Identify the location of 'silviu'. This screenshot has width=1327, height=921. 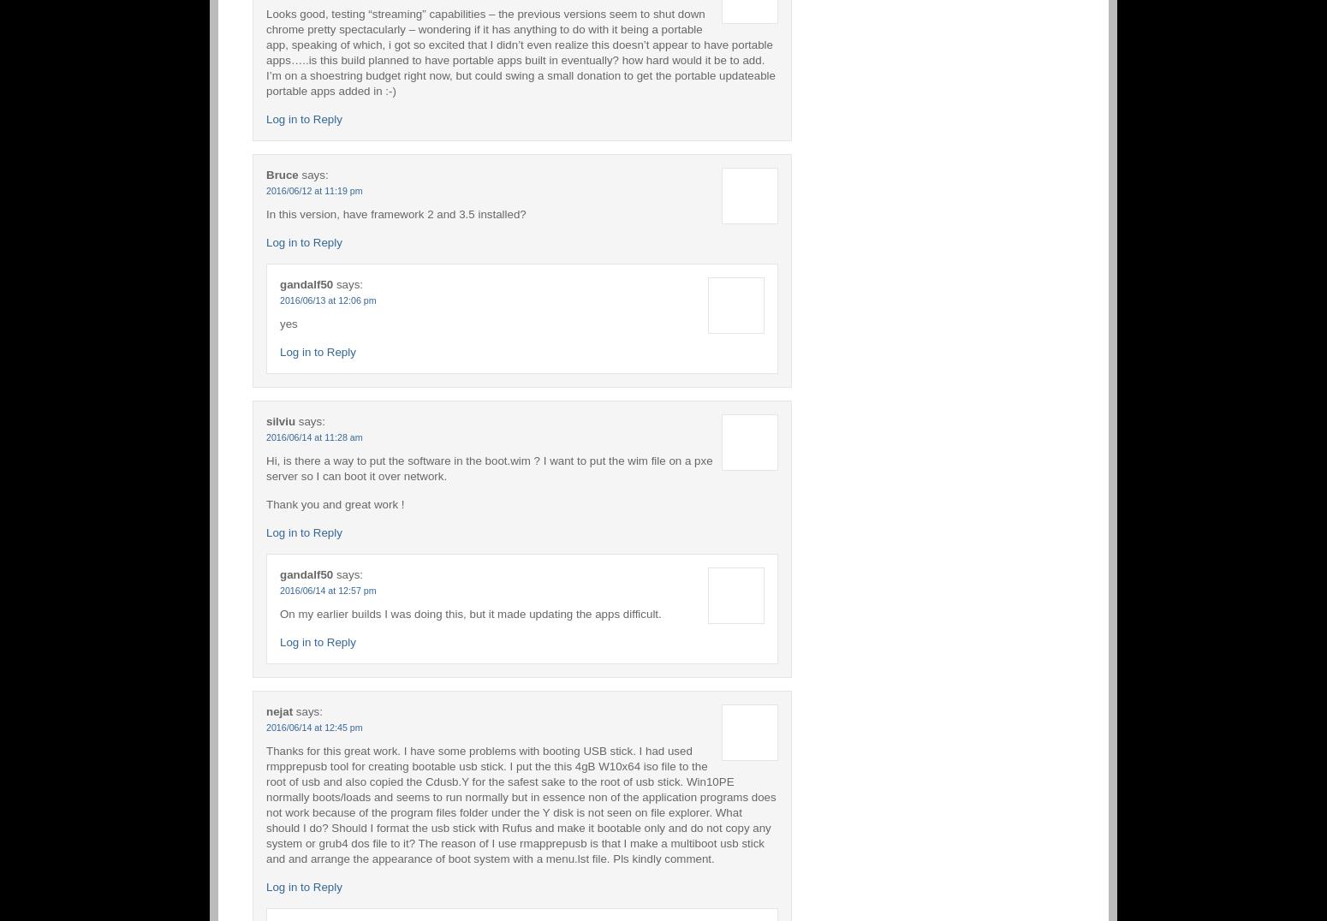
(279, 419).